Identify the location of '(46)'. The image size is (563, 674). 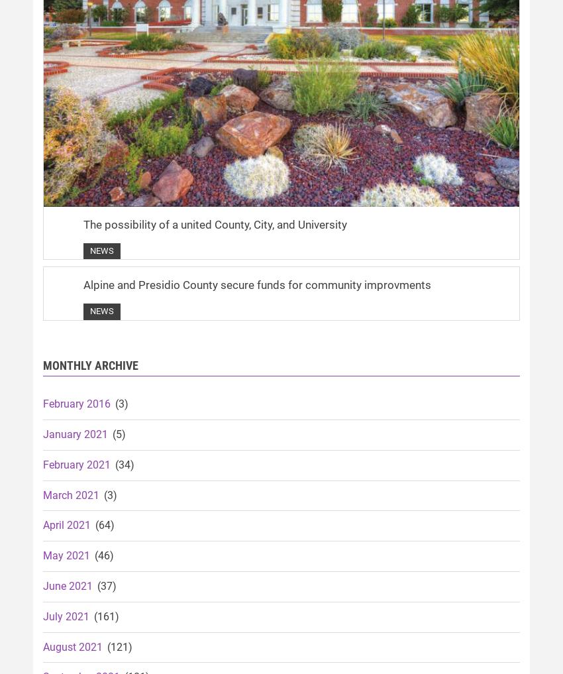
(103, 555).